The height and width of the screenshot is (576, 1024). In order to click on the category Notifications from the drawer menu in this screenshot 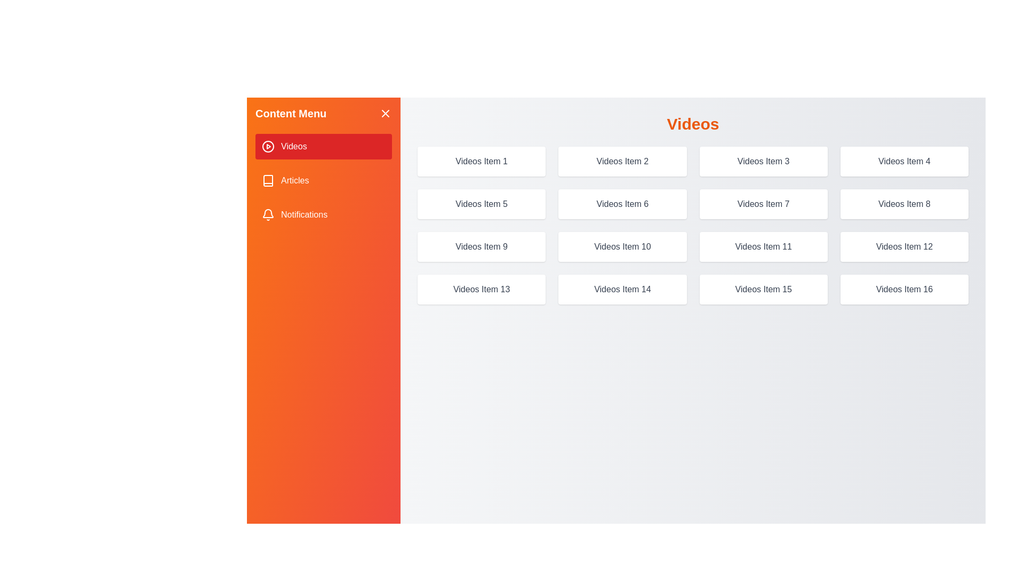, I will do `click(323, 214)`.